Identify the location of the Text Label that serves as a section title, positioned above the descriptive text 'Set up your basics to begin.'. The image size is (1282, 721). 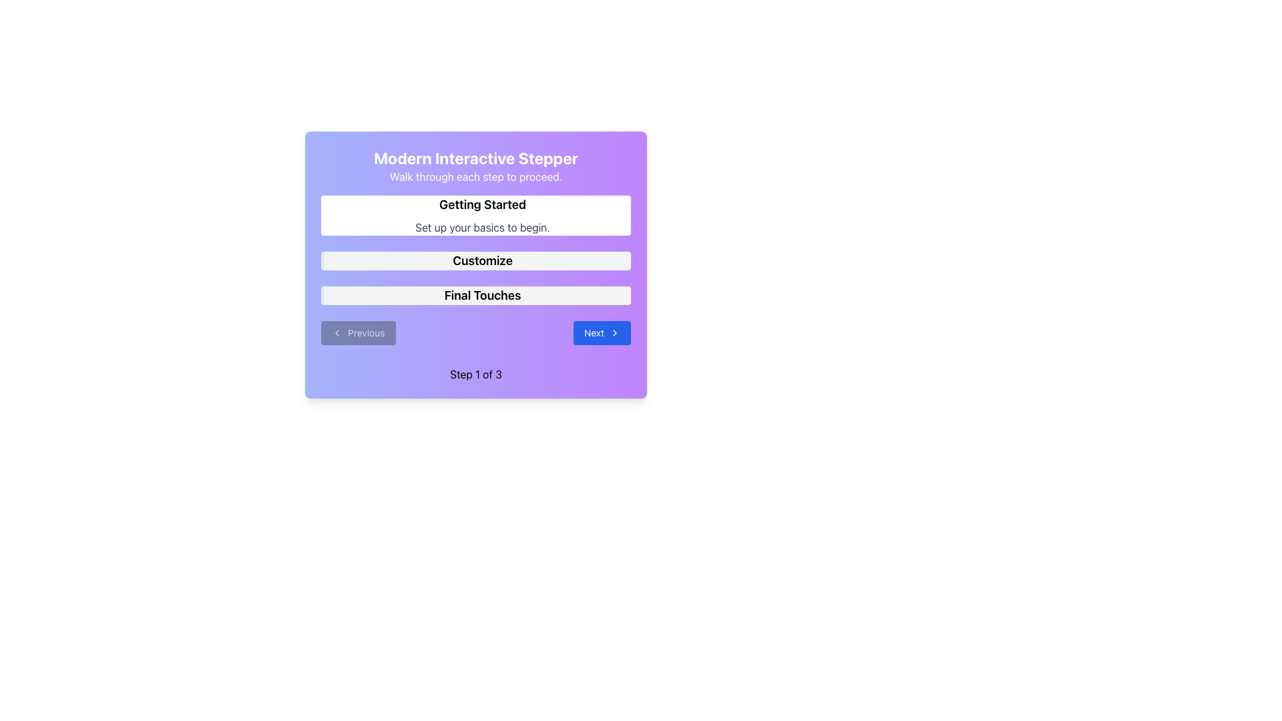
(482, 205).